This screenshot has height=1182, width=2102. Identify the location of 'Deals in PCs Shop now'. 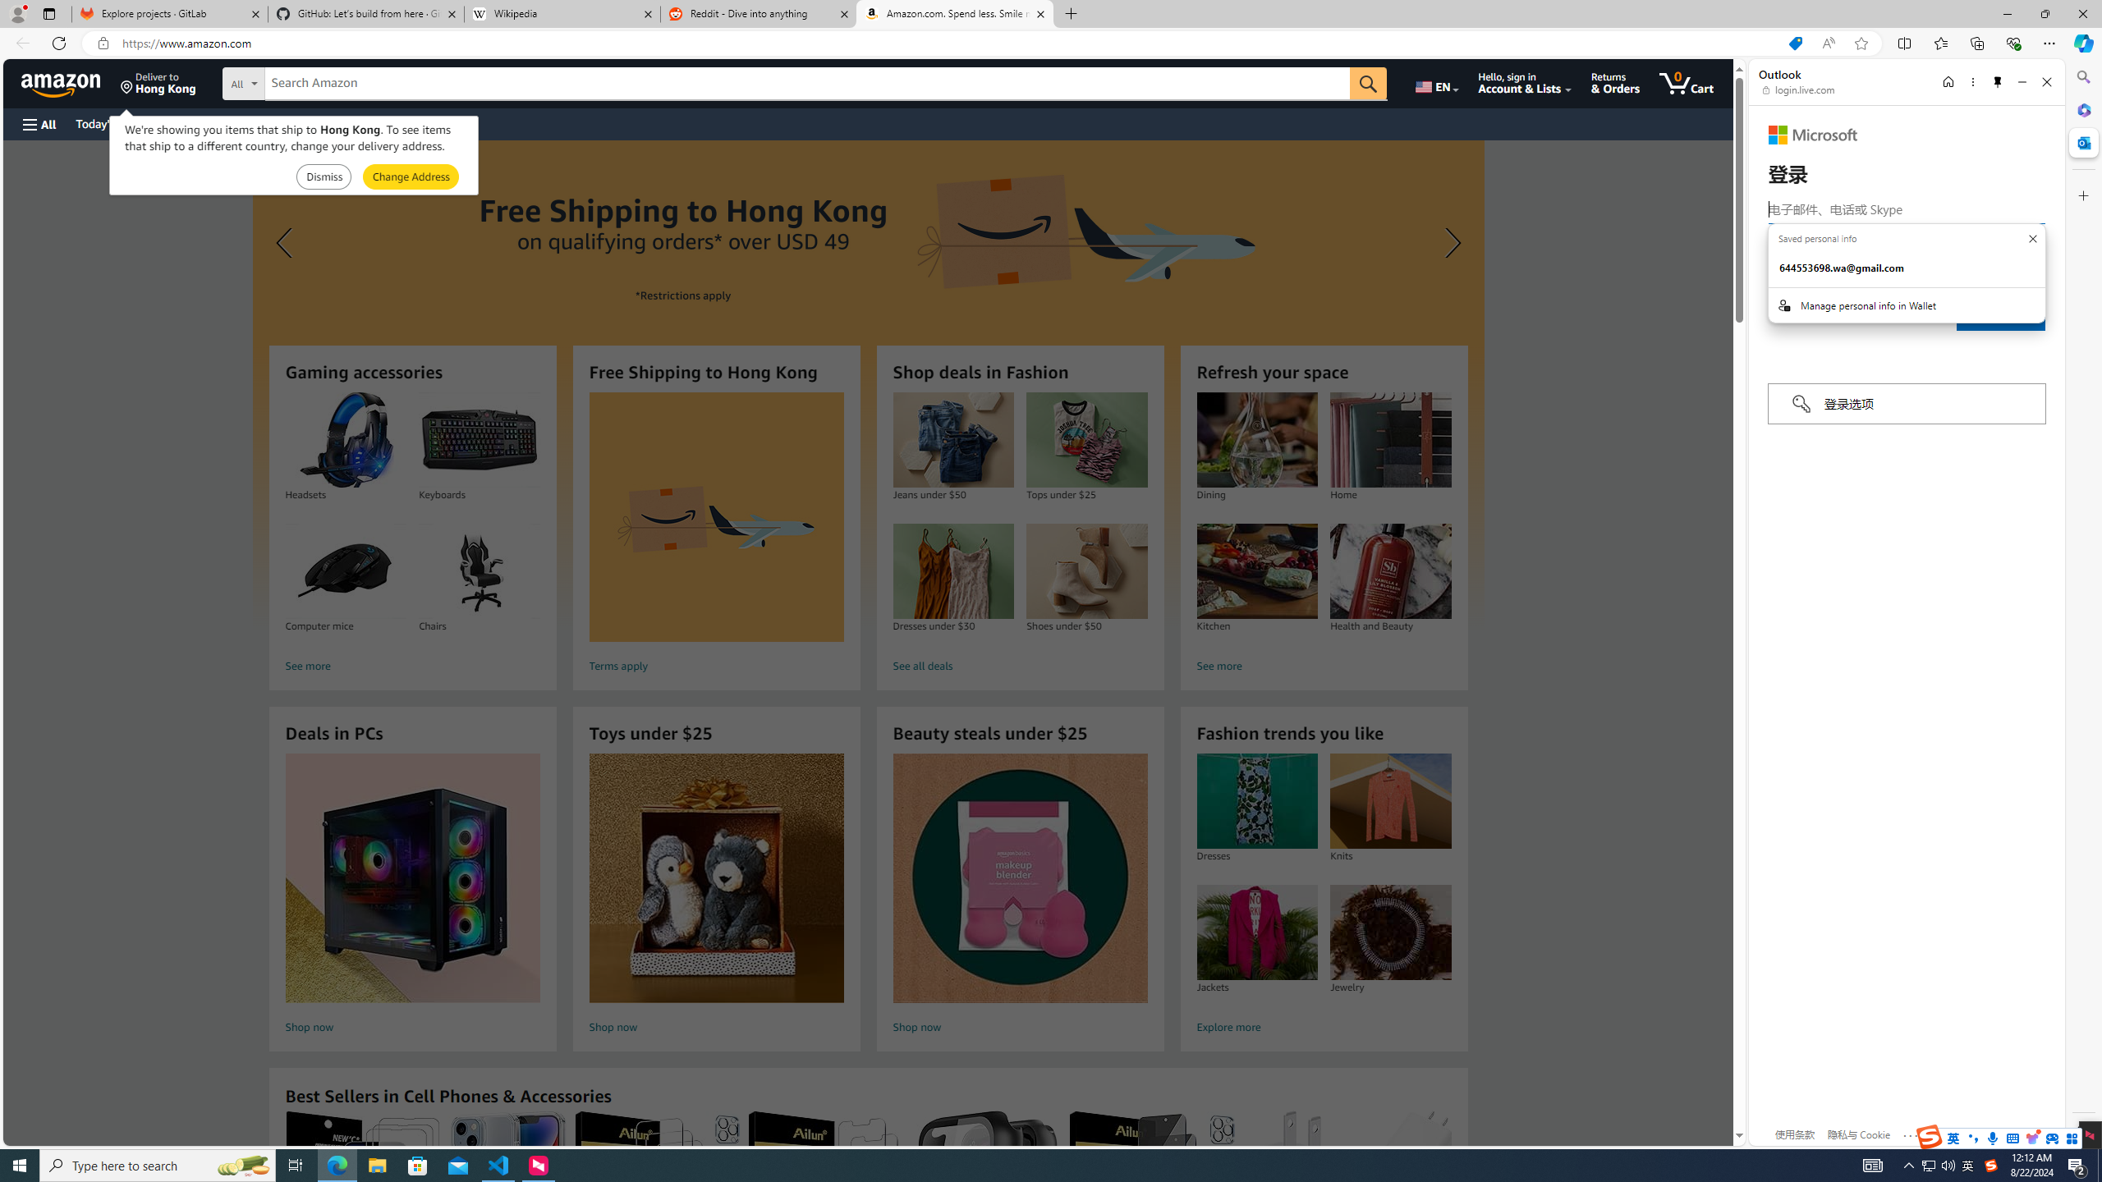
(412, 896).